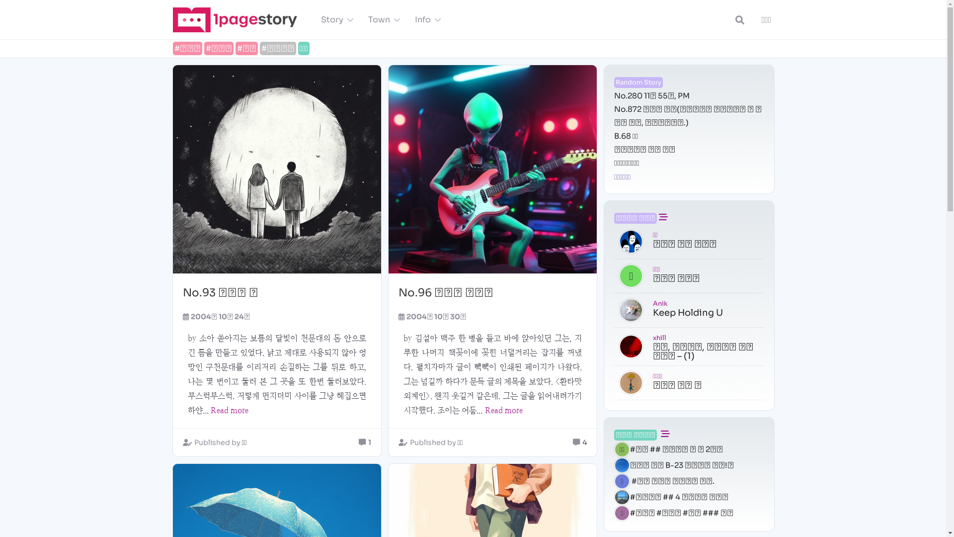 This screenshot has height=537, width=954. Describe the element at coordinates (381, 19) in the screenshot. I see `'Town'` at that location.